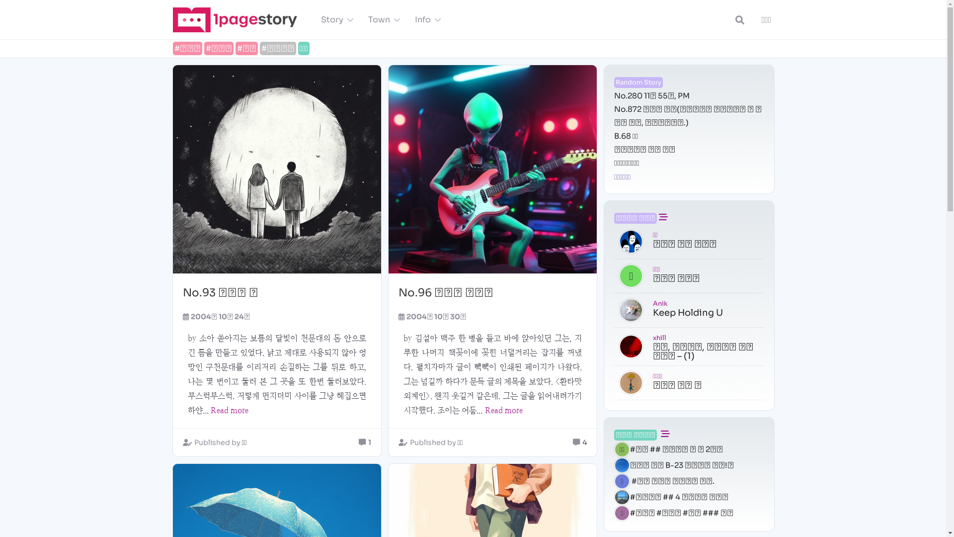 This screenshot has height=537, width=954. Describe the element at coordinates (381, 19) in the screenshot. I see `'Town'` at that location.